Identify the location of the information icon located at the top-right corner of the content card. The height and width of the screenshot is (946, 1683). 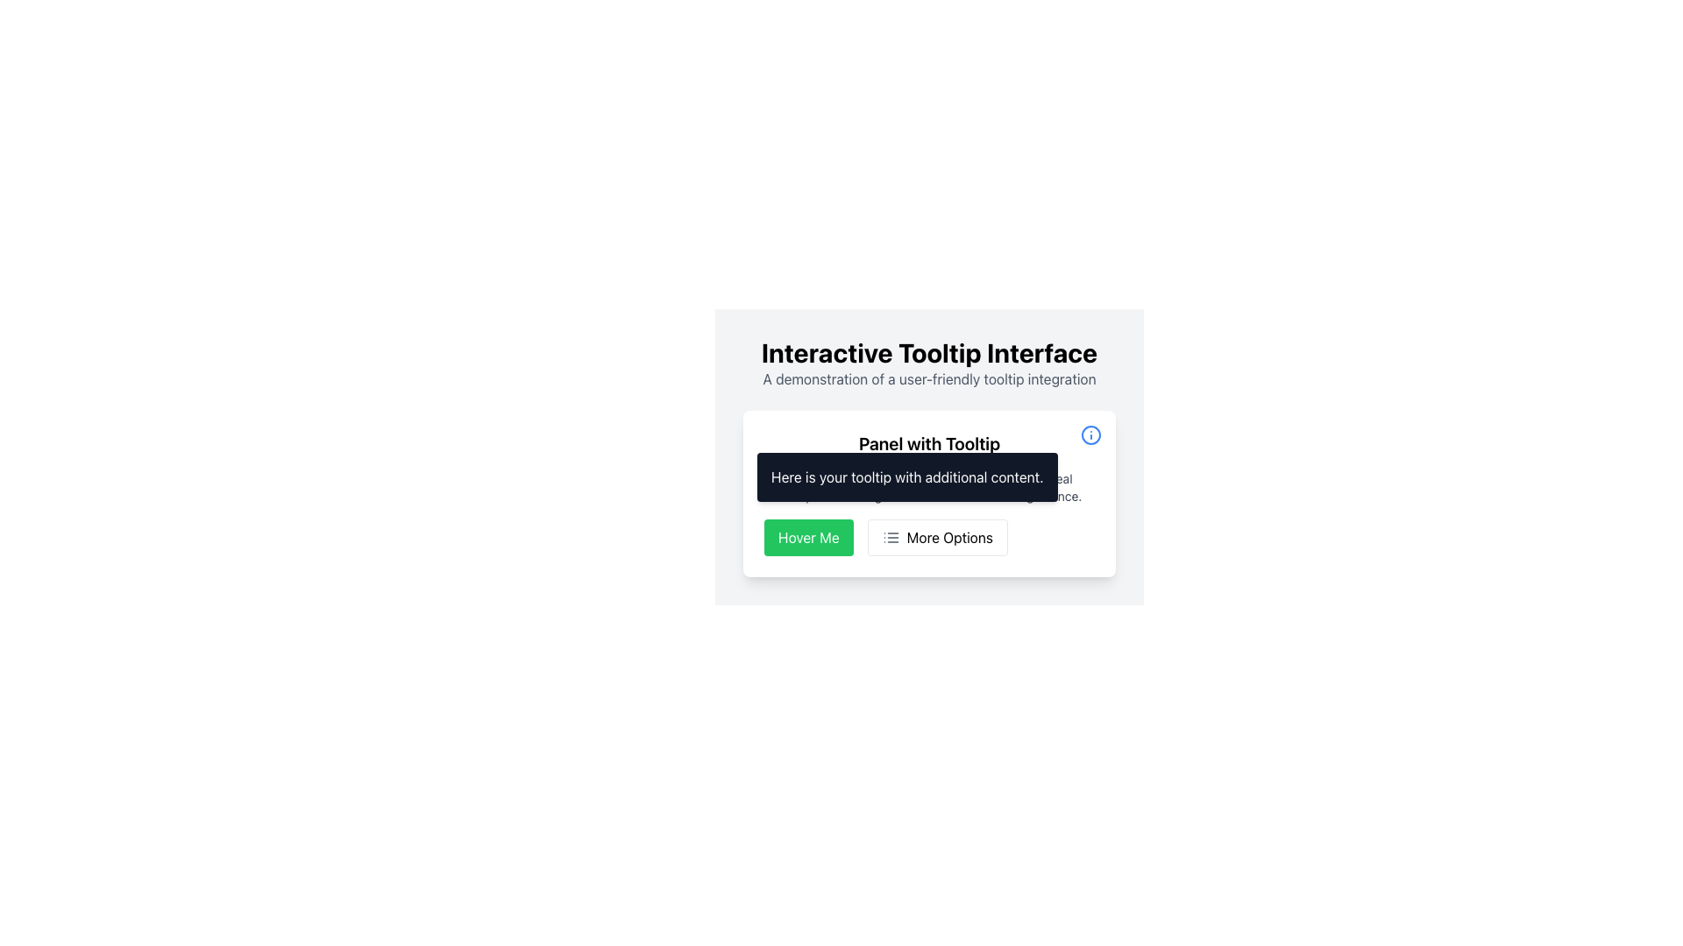
(1090, 434).